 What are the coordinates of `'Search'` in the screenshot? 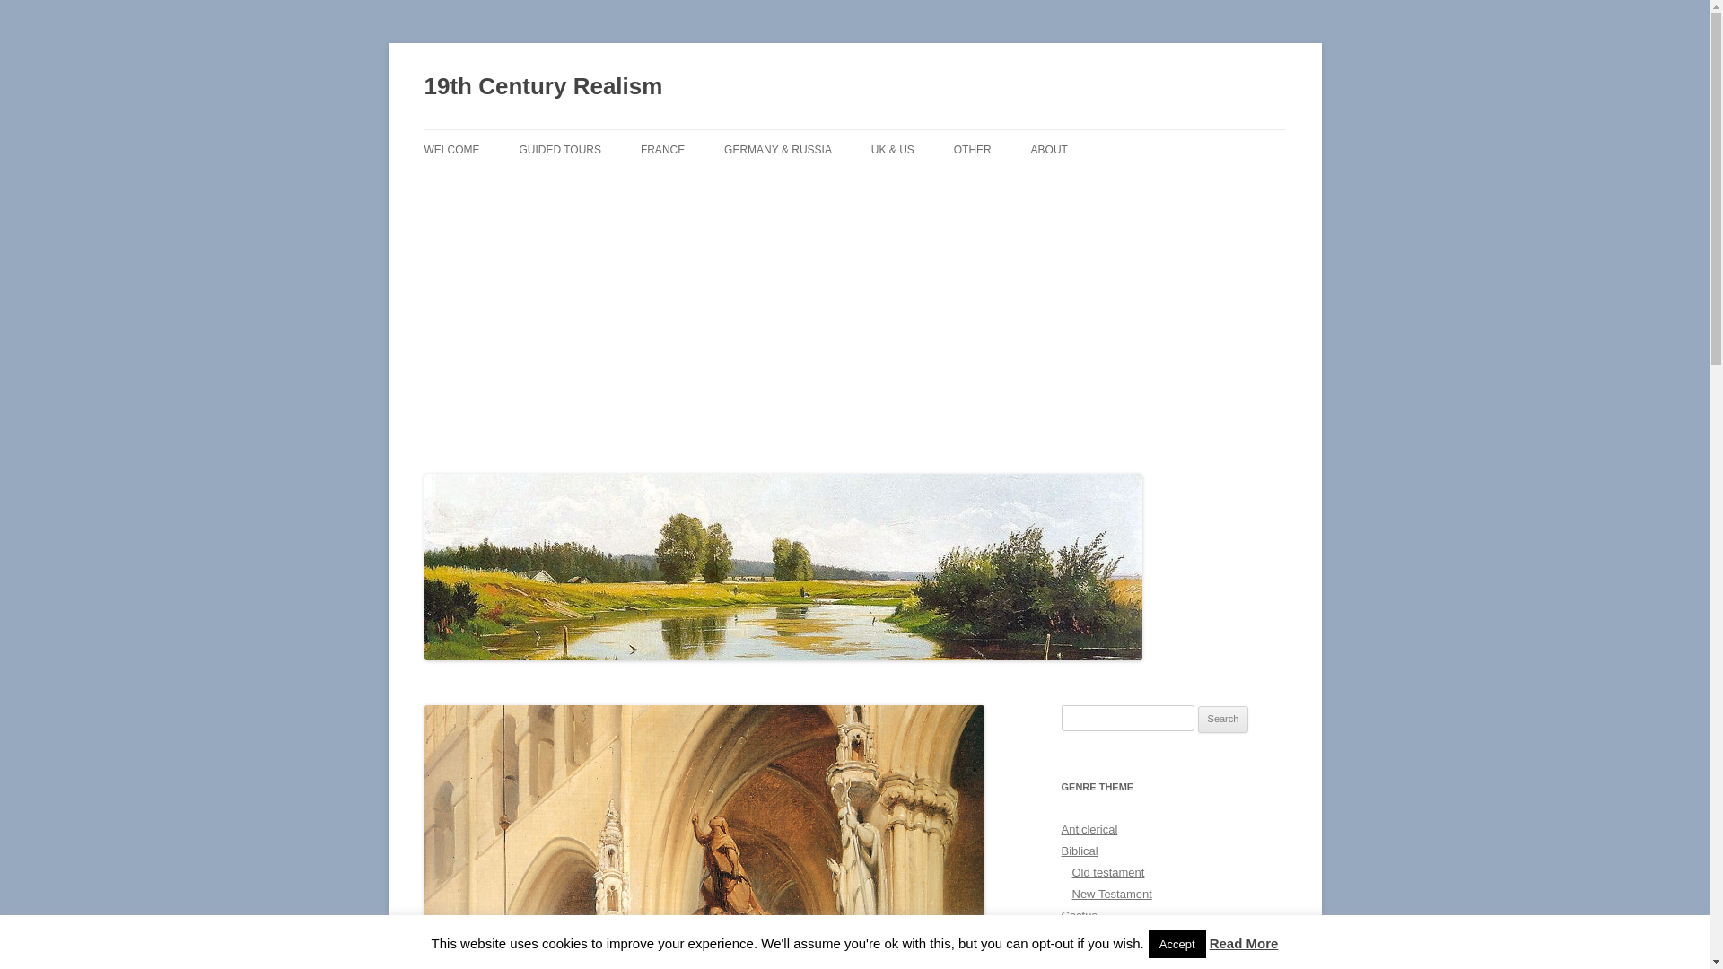 It's located at (1197, 719).